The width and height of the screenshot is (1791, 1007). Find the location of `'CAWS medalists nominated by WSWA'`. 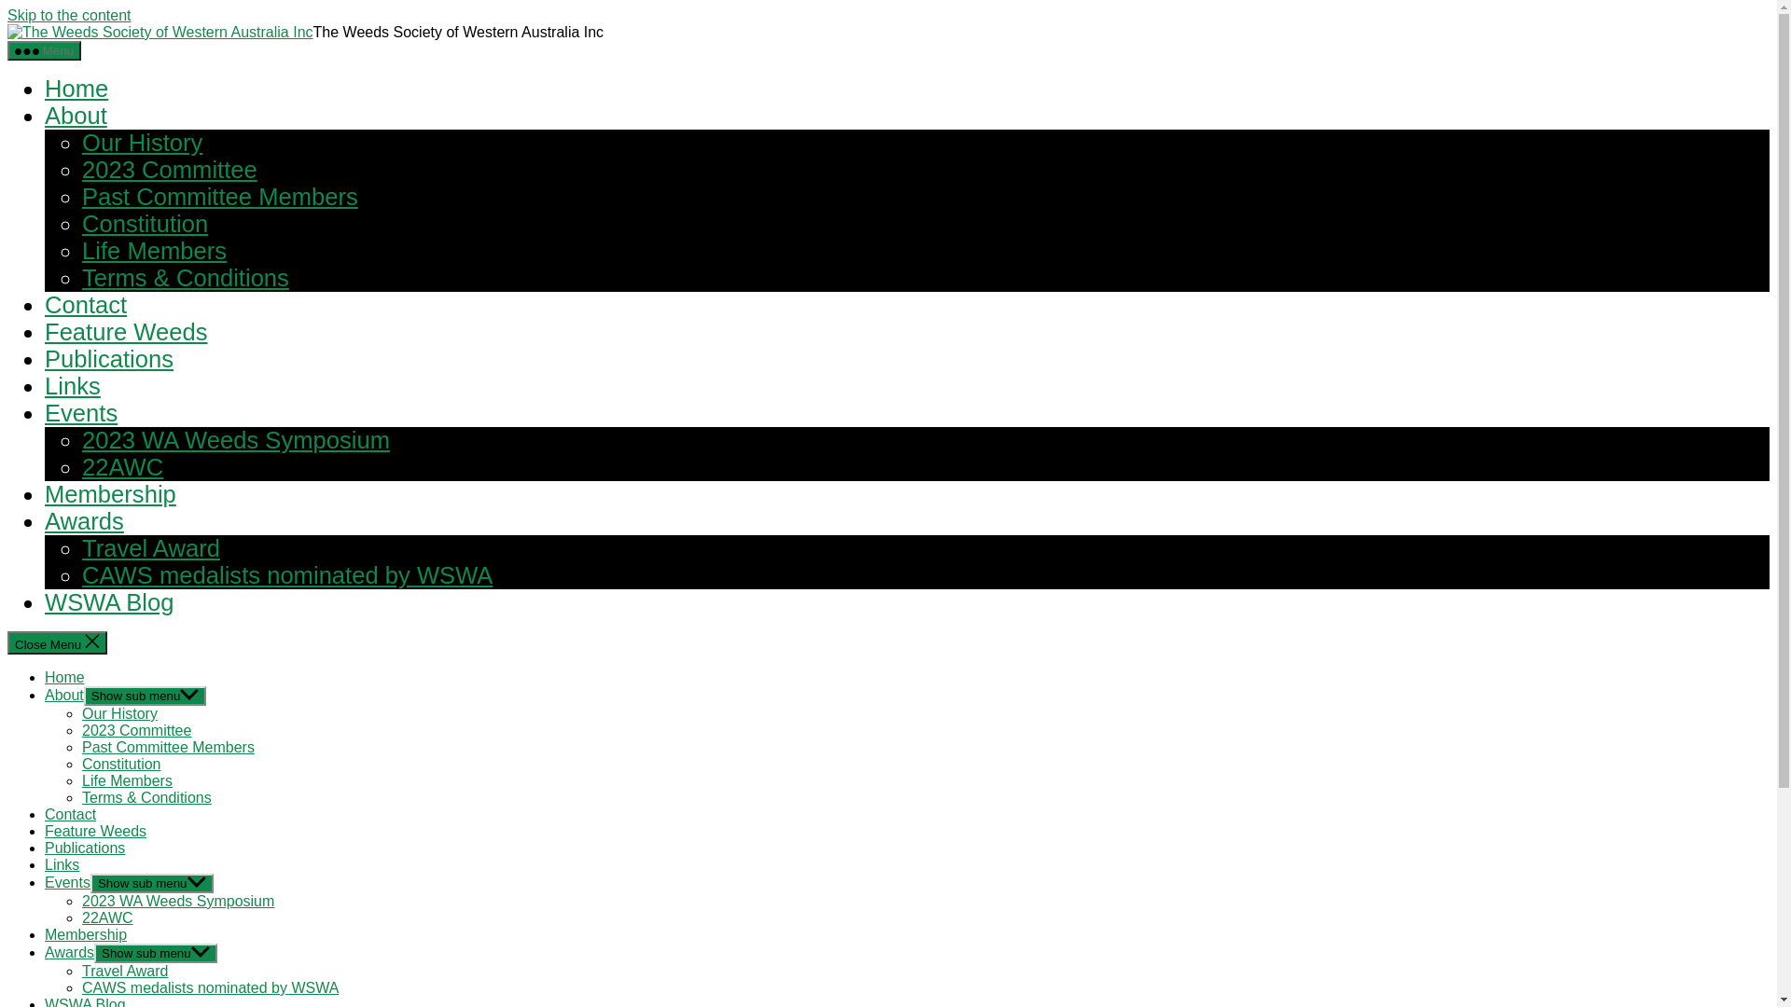

'CAWS medalists nominated by WSWA' is located at coordinates (210, 986).